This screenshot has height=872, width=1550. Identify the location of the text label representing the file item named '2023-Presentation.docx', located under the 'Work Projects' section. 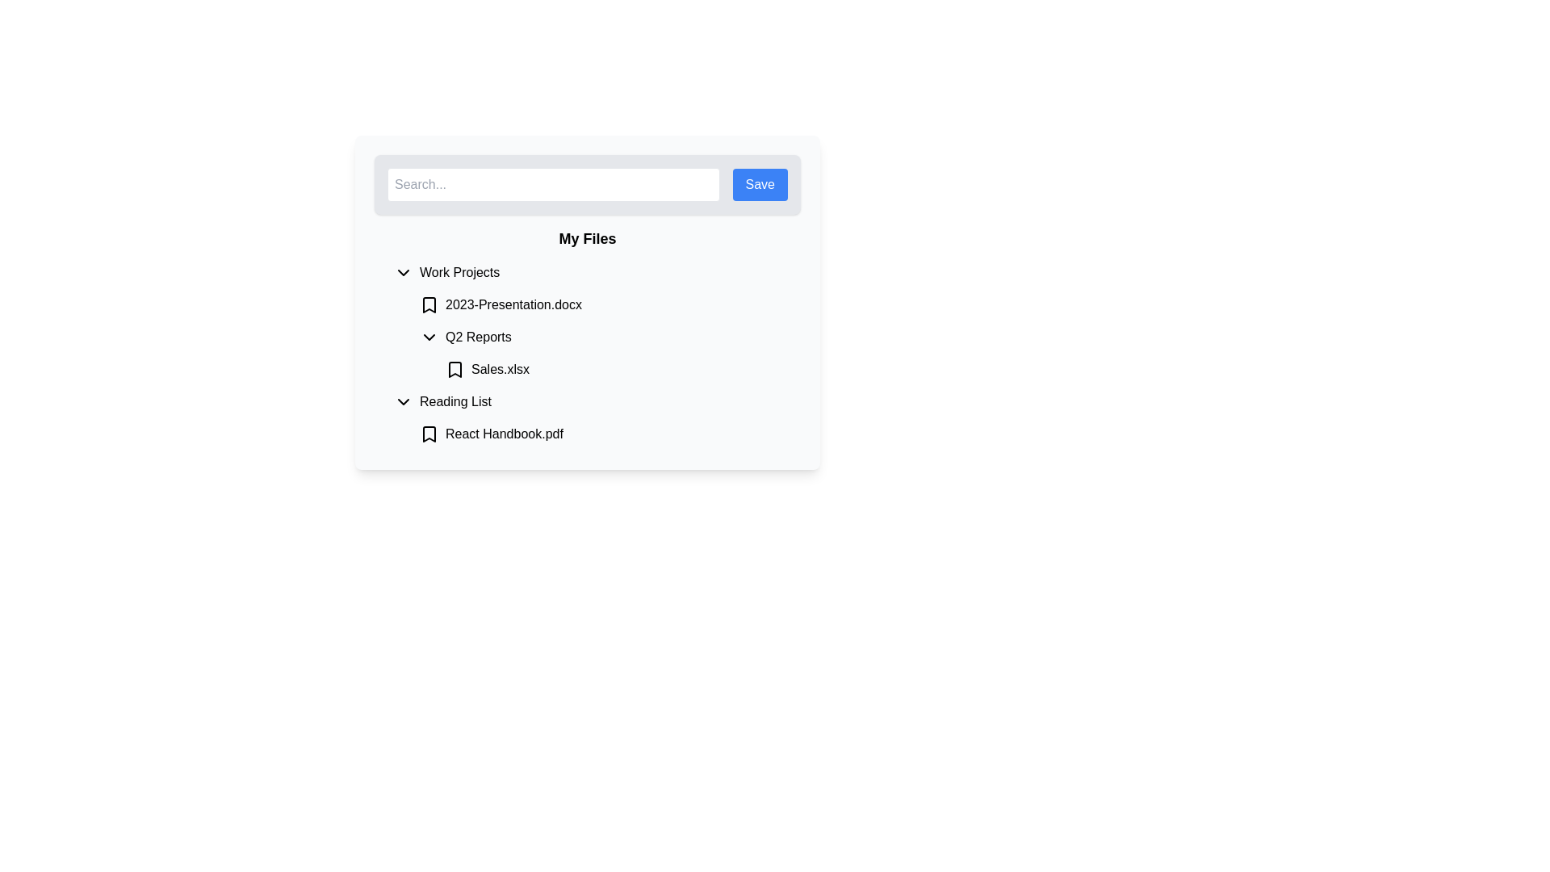
(513, 305).